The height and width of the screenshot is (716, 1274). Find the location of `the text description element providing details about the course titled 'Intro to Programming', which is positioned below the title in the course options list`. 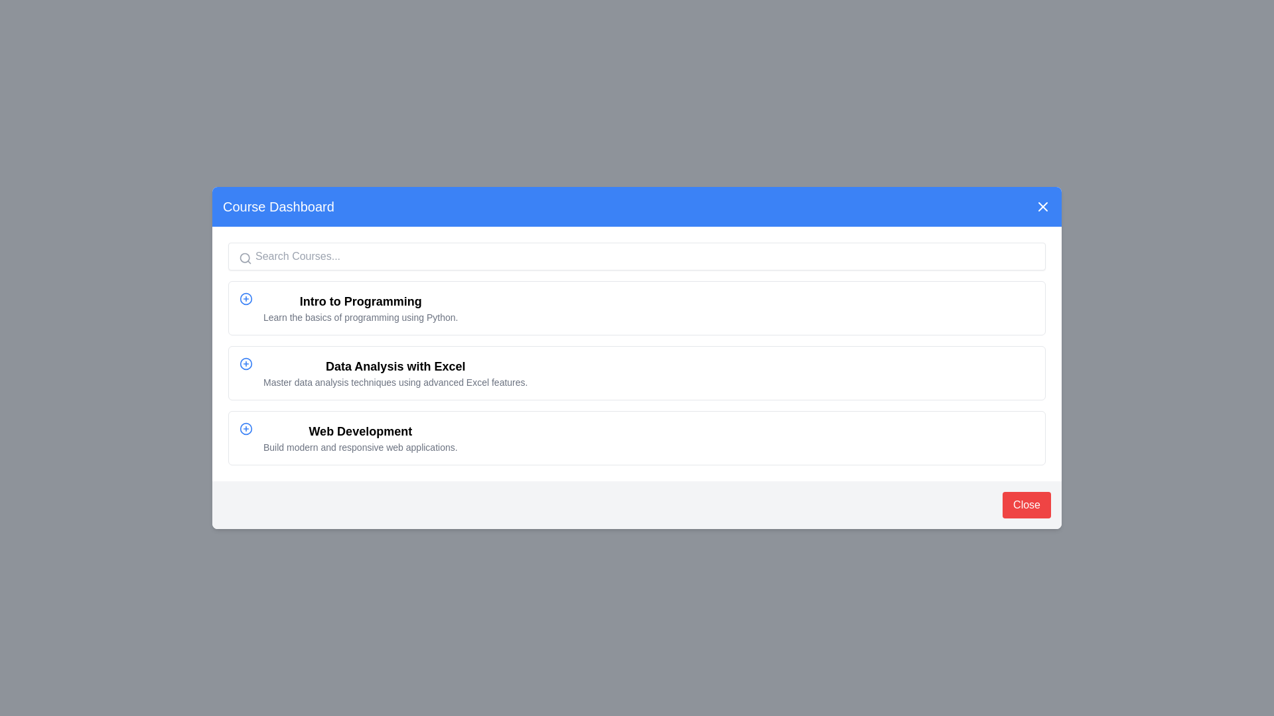

the text description element providing details about the course titled 'Intro to Programming', which is positioned below the title in the course options list is located at coordinates (360, 317).